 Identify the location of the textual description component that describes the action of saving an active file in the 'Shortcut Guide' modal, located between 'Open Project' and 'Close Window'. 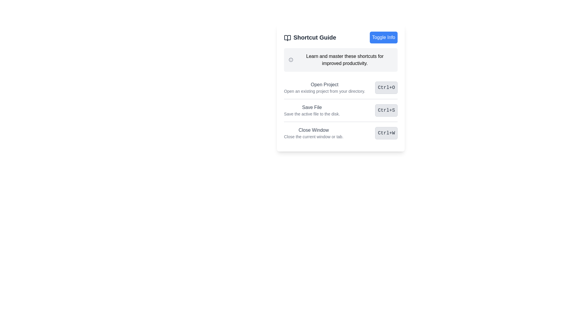
(312, 110).